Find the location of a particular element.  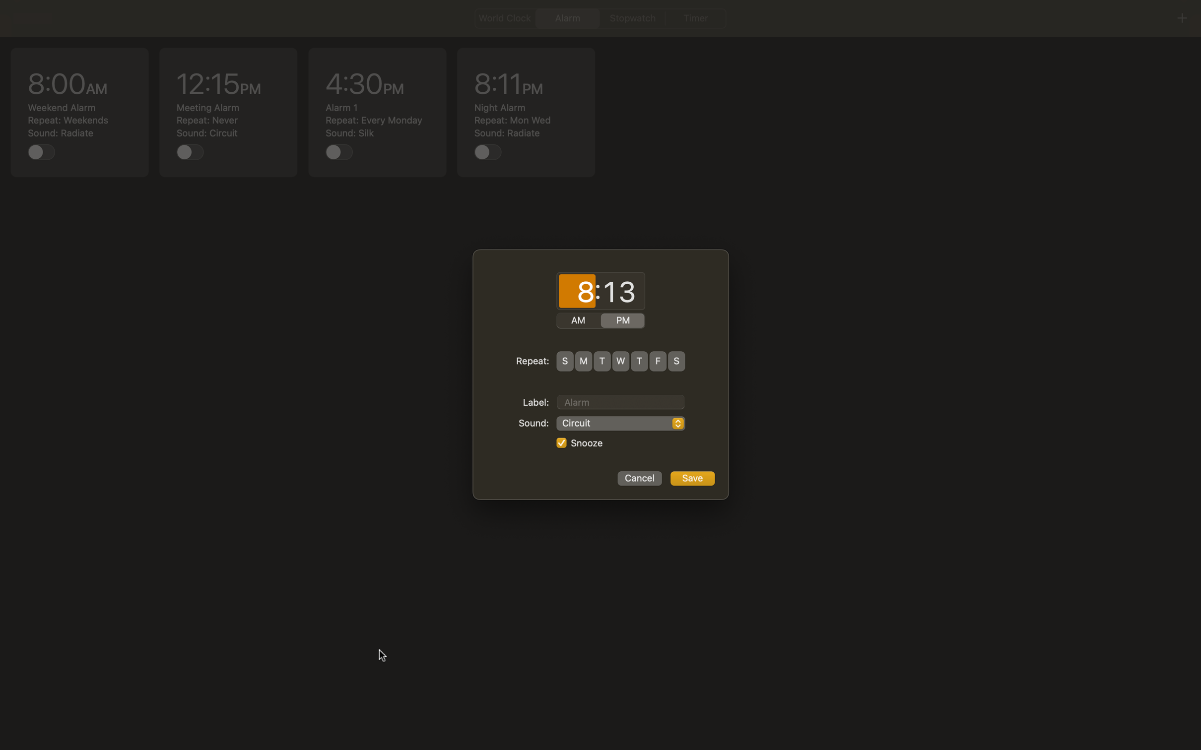

Update the time fields with 2 hours and 00 minutes is located at coordinates (577, 292).